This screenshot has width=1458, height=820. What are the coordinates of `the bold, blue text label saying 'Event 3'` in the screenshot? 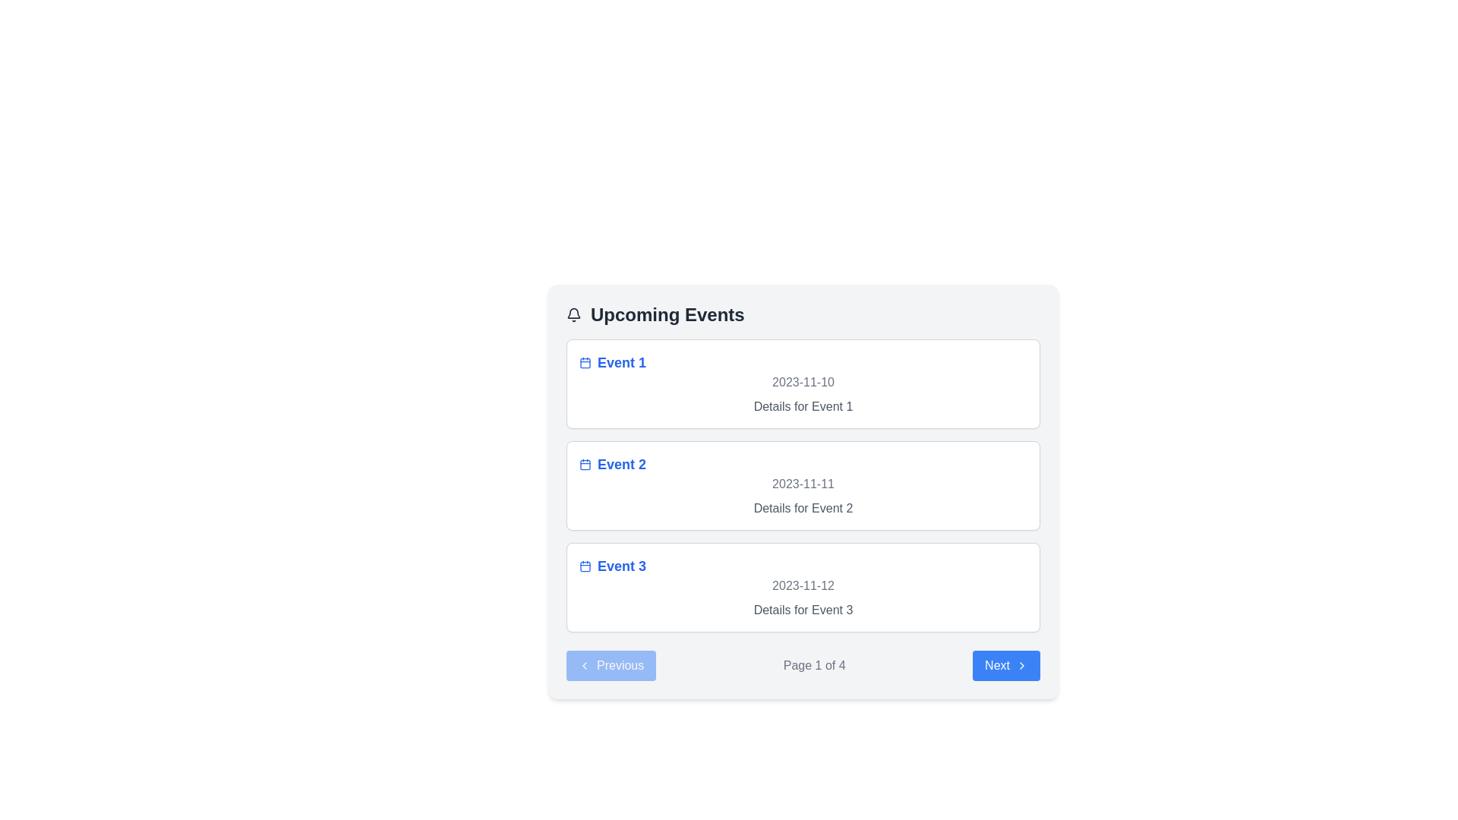 It's located at (622, 566).